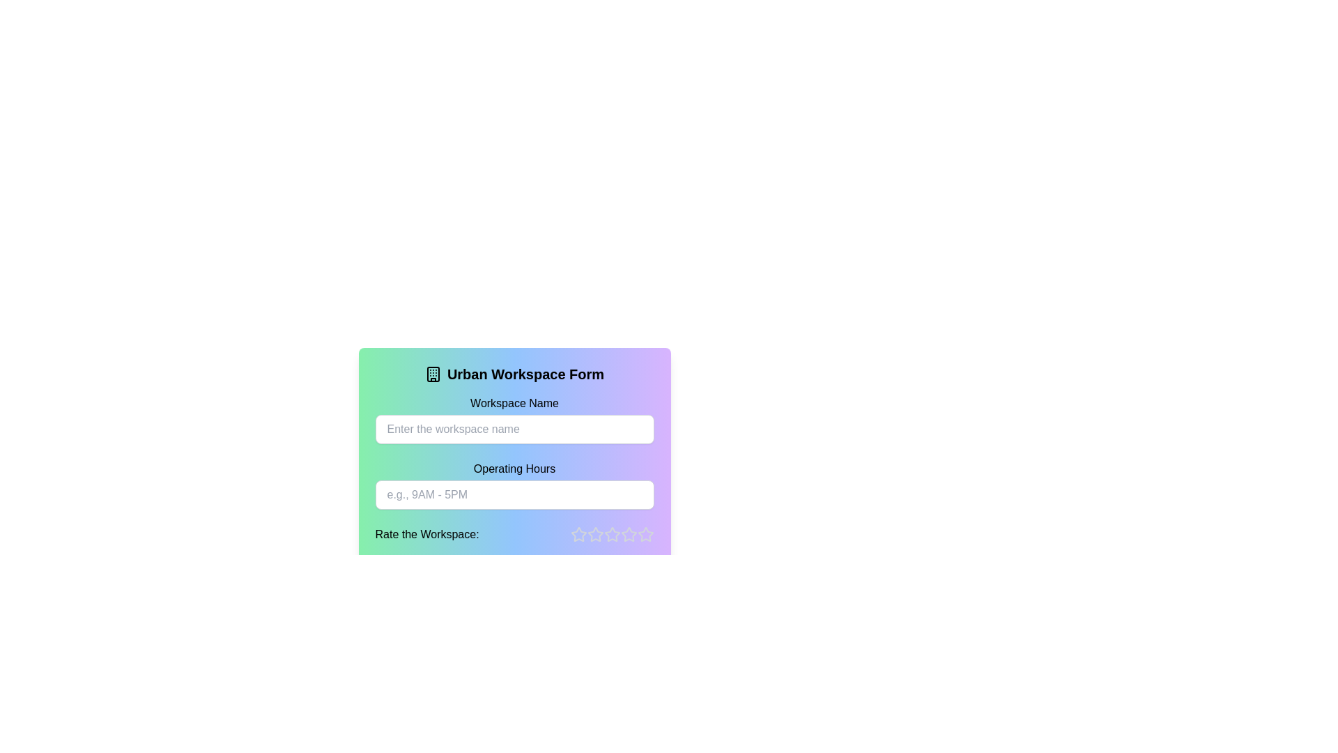 Image resolution: width=1338 pixels, height=753 pixels. Describe the element at coordinates (595, 533) in the screenshot. I see `the second star in the five-star rating system` at that location.